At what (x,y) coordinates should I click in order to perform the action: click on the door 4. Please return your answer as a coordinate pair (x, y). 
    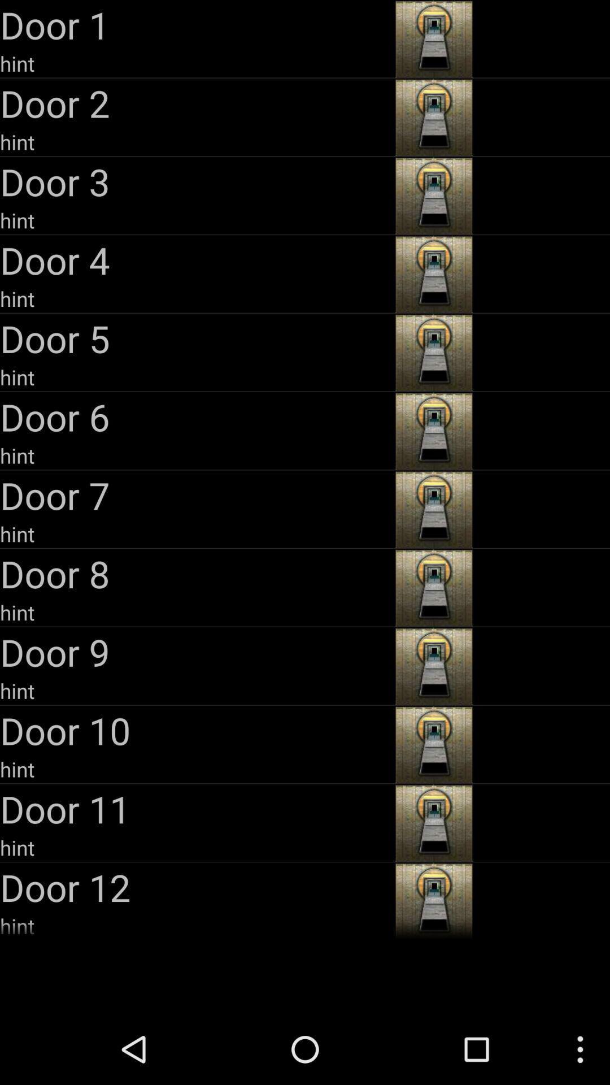
    Looking at the image, I should click on (195, 259).